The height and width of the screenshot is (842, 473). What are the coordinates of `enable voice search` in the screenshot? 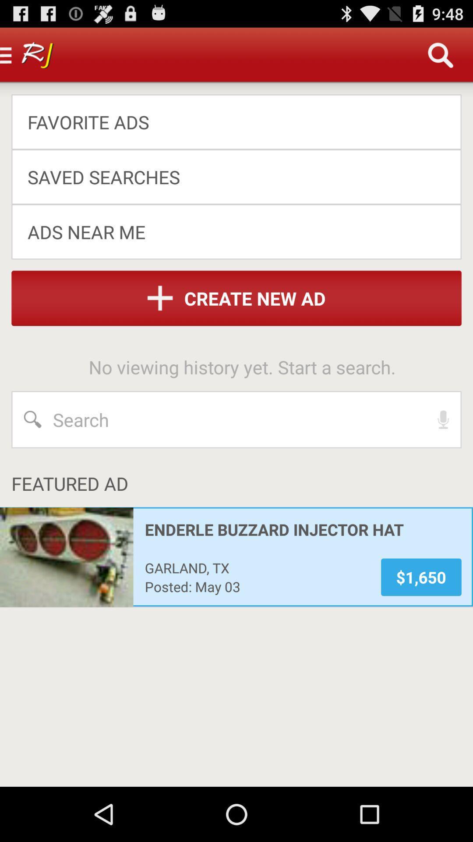 It's located at (443, 419).